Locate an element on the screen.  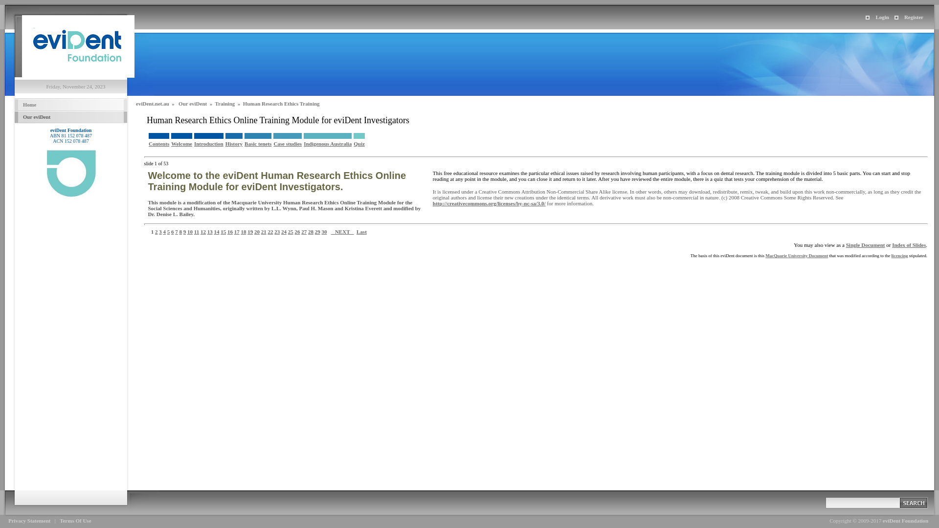
'Introduction' is located at coordinates (208, 143).